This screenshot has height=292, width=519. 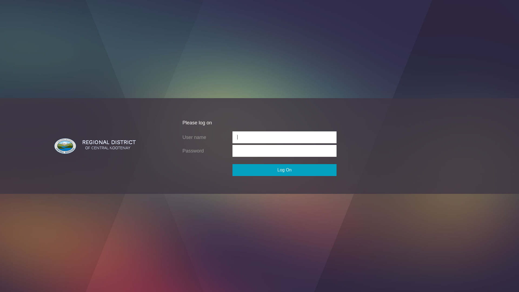 I want to click on 'Log On', so click(x=284, y=170).